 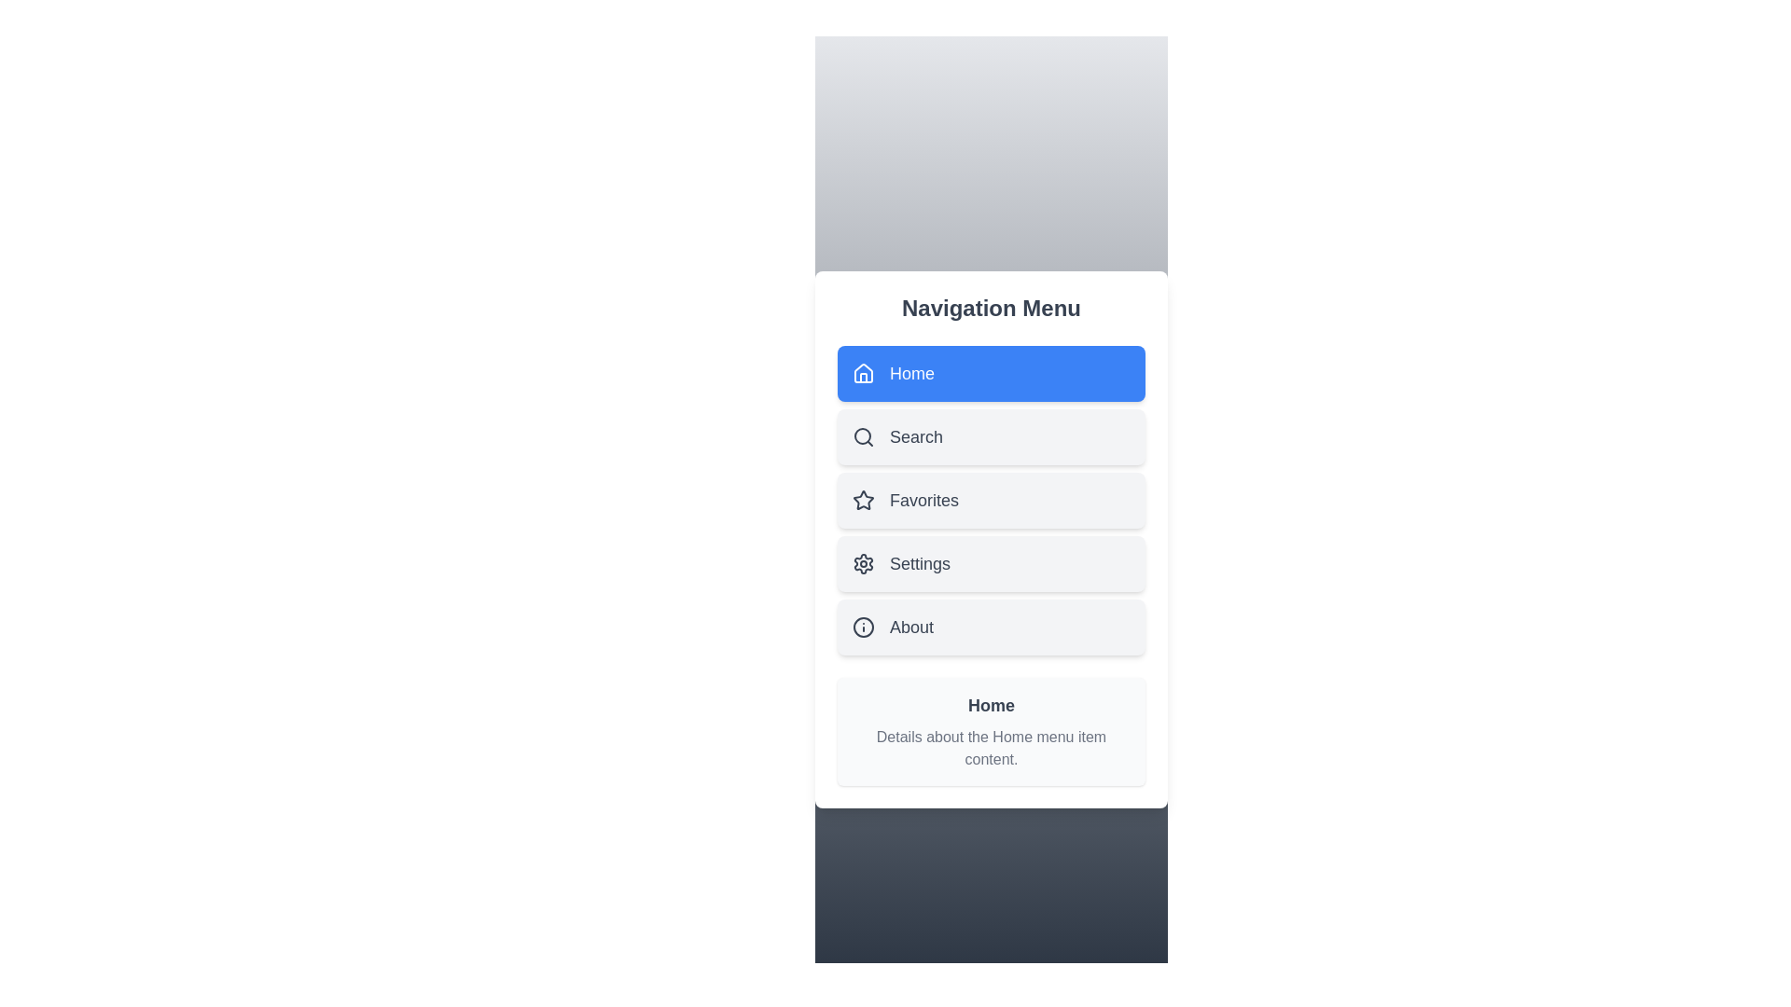 I want to click on the menu item Search, so click(x=990, y=437).